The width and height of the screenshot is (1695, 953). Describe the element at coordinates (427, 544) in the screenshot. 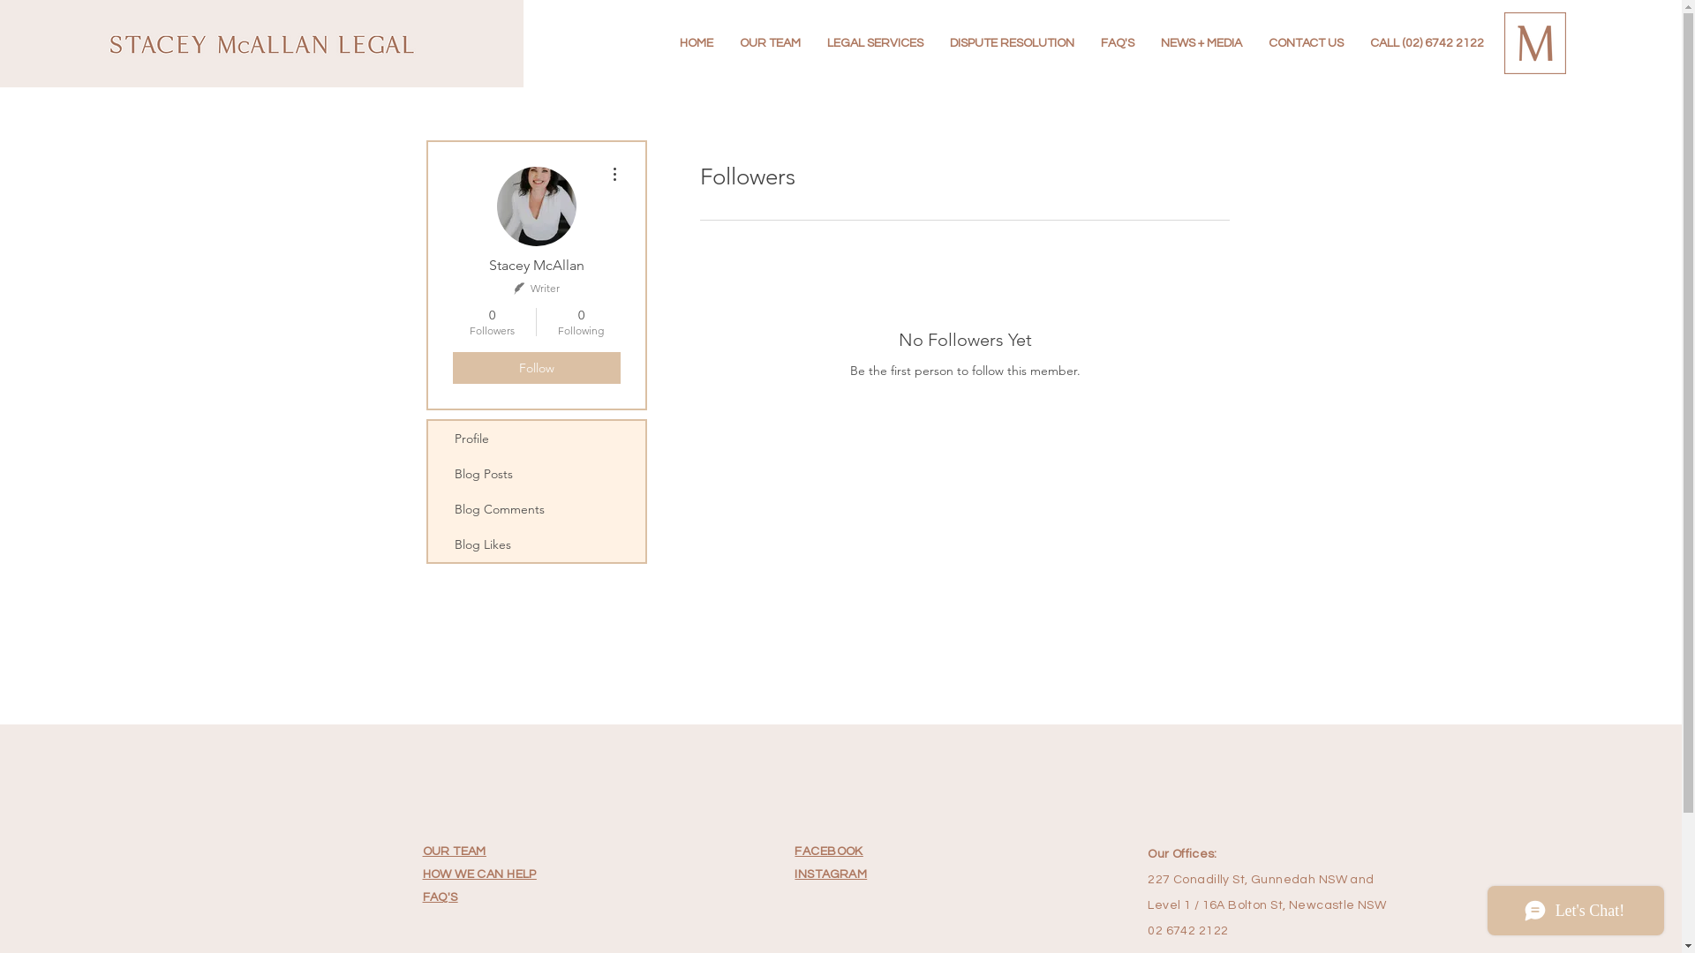

I see `'Blog Likes'` at that location.